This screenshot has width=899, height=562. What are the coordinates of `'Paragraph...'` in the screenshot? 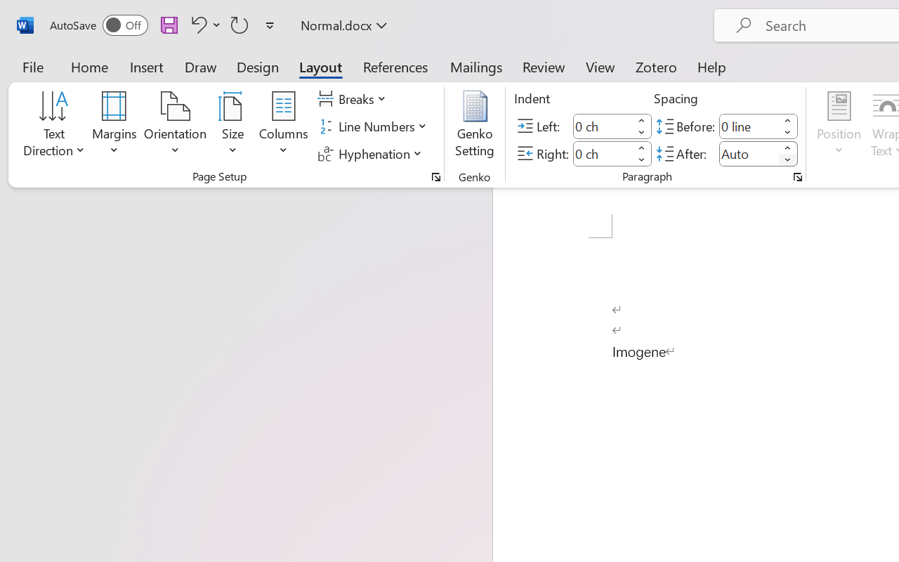 It's located at (798, 176).